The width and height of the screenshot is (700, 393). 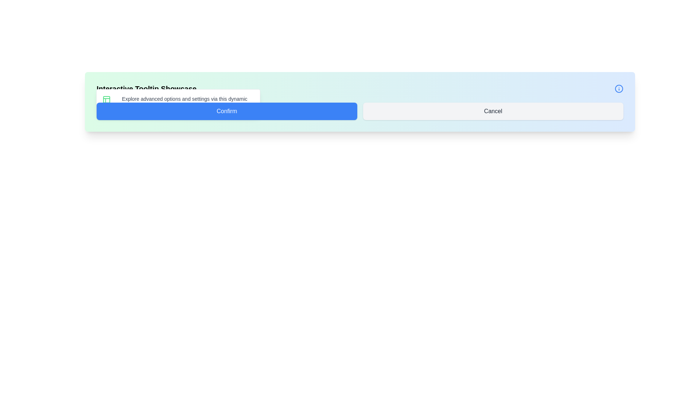 I want to click on the 'Cancel' button, which is a rectangular button with a light gray background and rounded corners, located to the right of the 'Confirm' button, so click(x=493, y=111).